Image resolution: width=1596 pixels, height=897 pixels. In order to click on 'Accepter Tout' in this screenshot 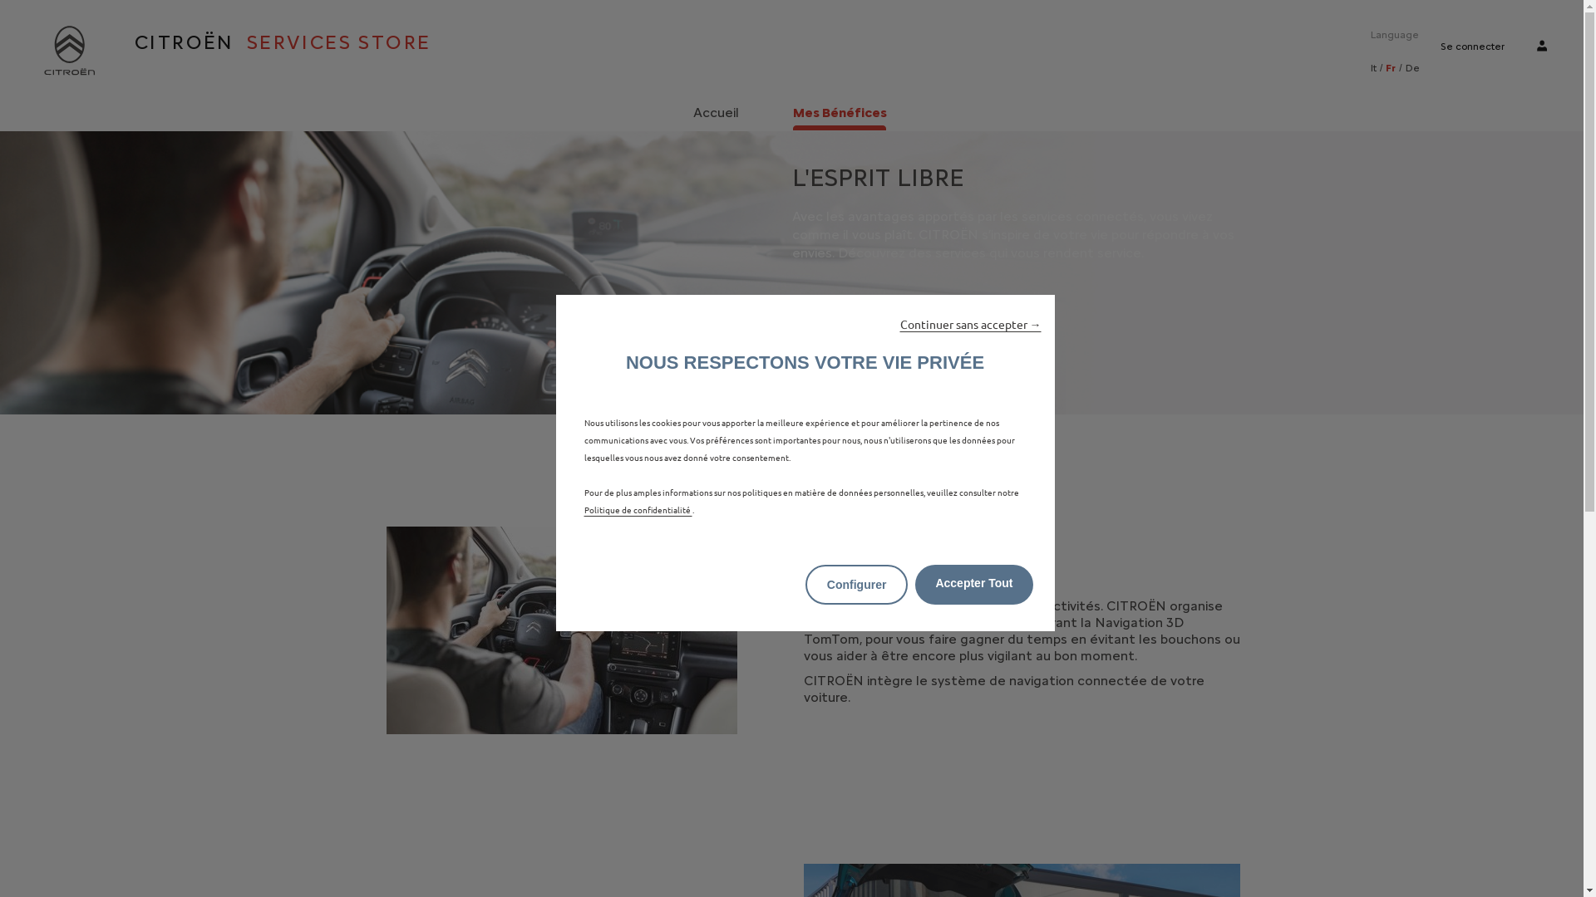, I will do `click(914, 584)`.